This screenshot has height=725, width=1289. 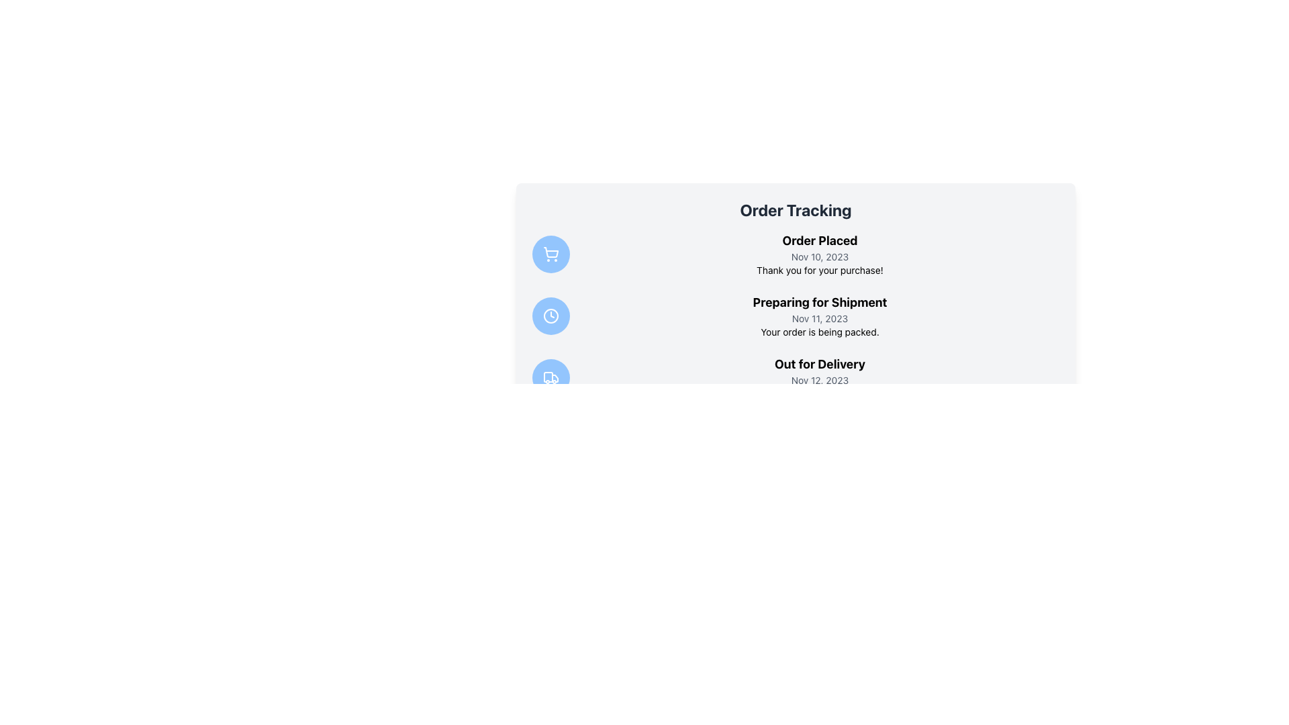 I want to click on the 'Preparing for Shipment' status icon, which is a clock symbol indicating time or progress, located to the left of the status text, so click(x=551, y=316).